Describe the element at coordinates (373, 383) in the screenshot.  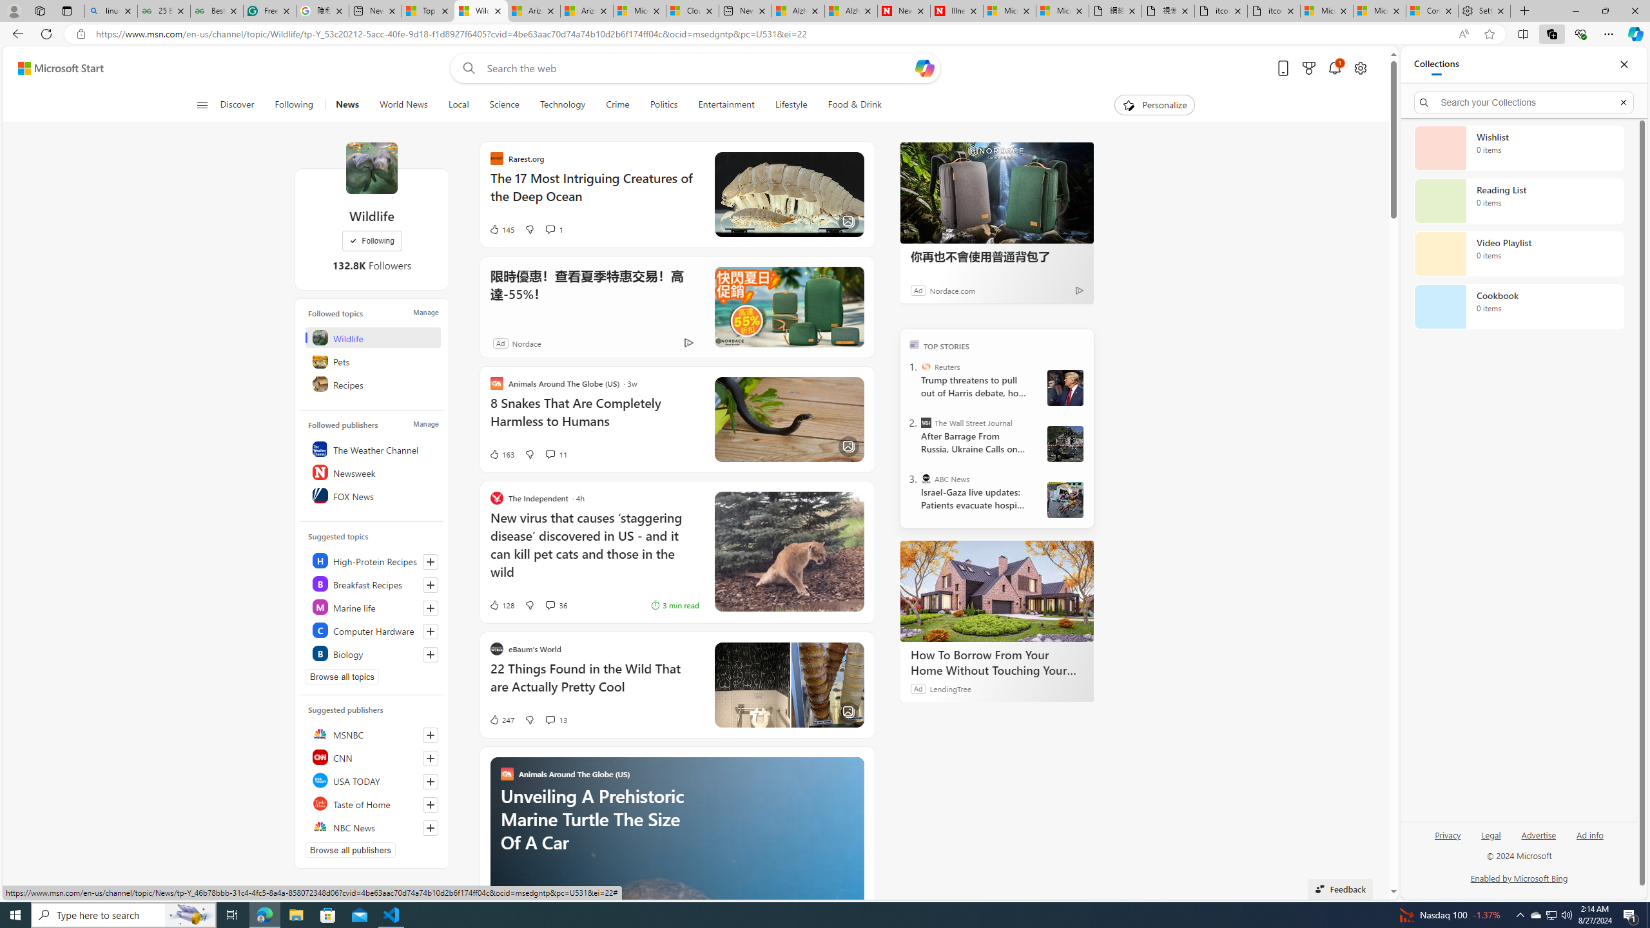
I see `'Recipes'` at that location.